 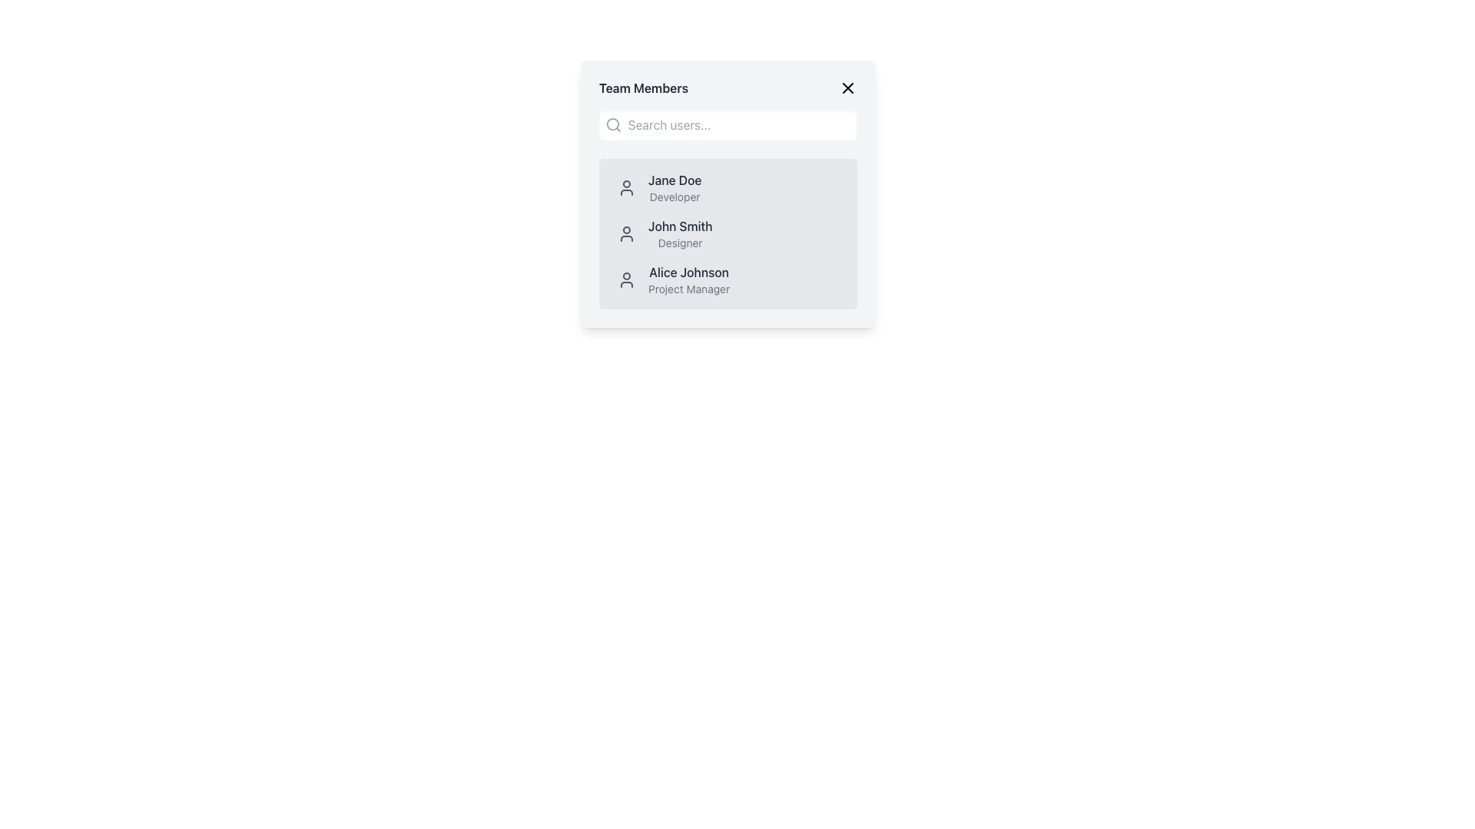 What do you see at coordinates (847, 88) in the screenshot?
I see `the close icon in the top-right corner of the 'Team Members' panel, which features crossing lines within a square bounding box` at bounding box center [847, 88].